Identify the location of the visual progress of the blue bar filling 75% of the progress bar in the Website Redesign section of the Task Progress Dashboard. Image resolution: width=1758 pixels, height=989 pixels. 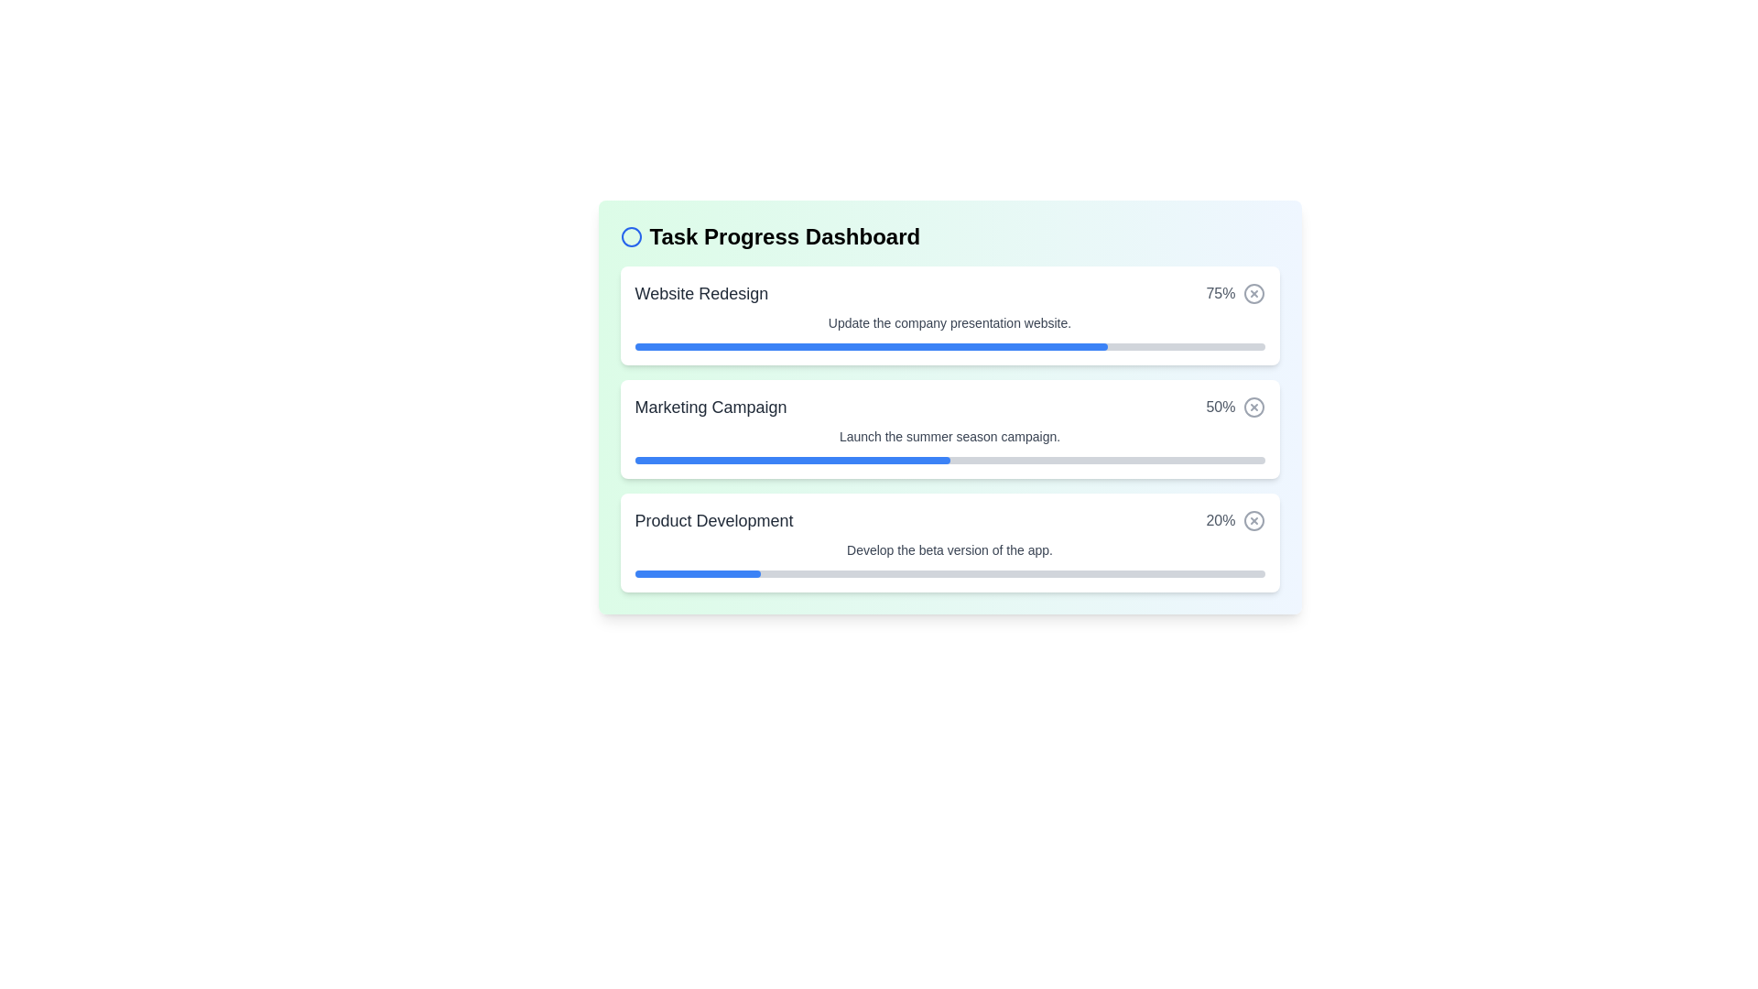
(870, 346).